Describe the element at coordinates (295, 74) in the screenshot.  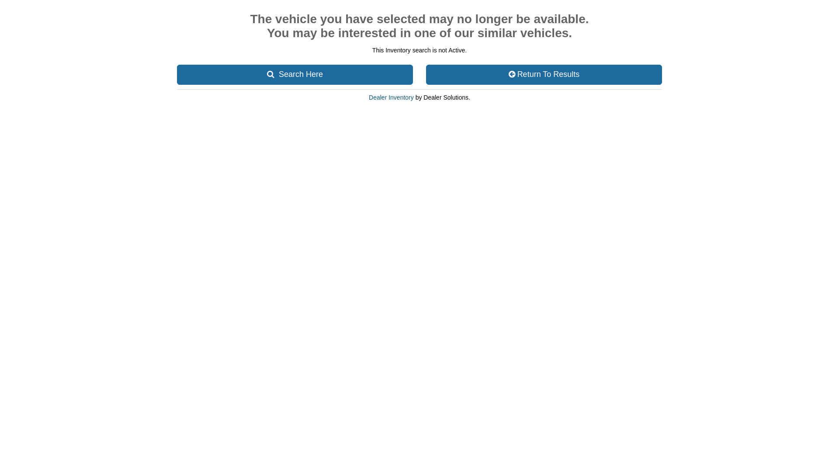
I see `'Search Here'` at that location.